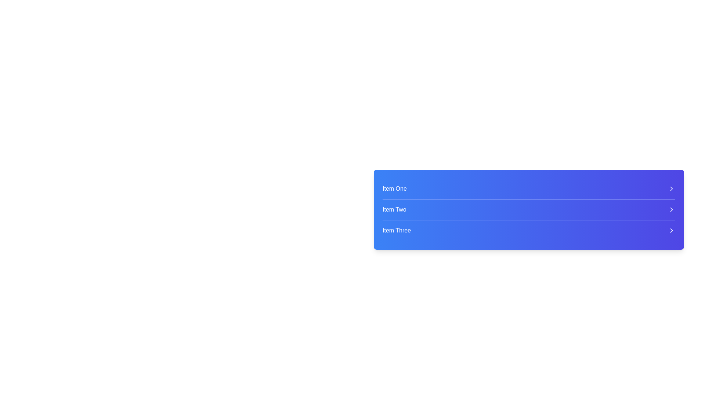 This screenshot has height=396, width=705. I want to click on the second list item titled 'Item Two' in the vertically arranged list, so click(529, 209).